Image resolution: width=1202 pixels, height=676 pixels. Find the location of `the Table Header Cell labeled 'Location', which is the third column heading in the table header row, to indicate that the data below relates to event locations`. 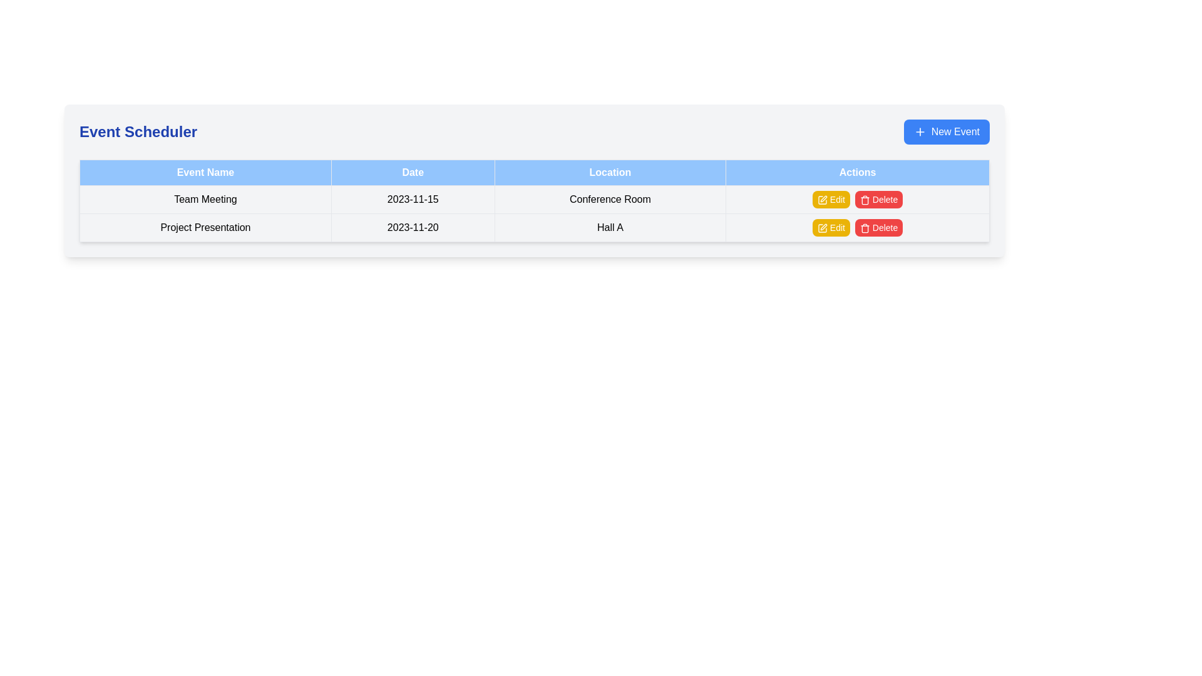

the Table Header Cell labeled 'Location', which is the third column heading in the table header row, to indicate that the data below relates to event locations is located at coordinates (610, 173).